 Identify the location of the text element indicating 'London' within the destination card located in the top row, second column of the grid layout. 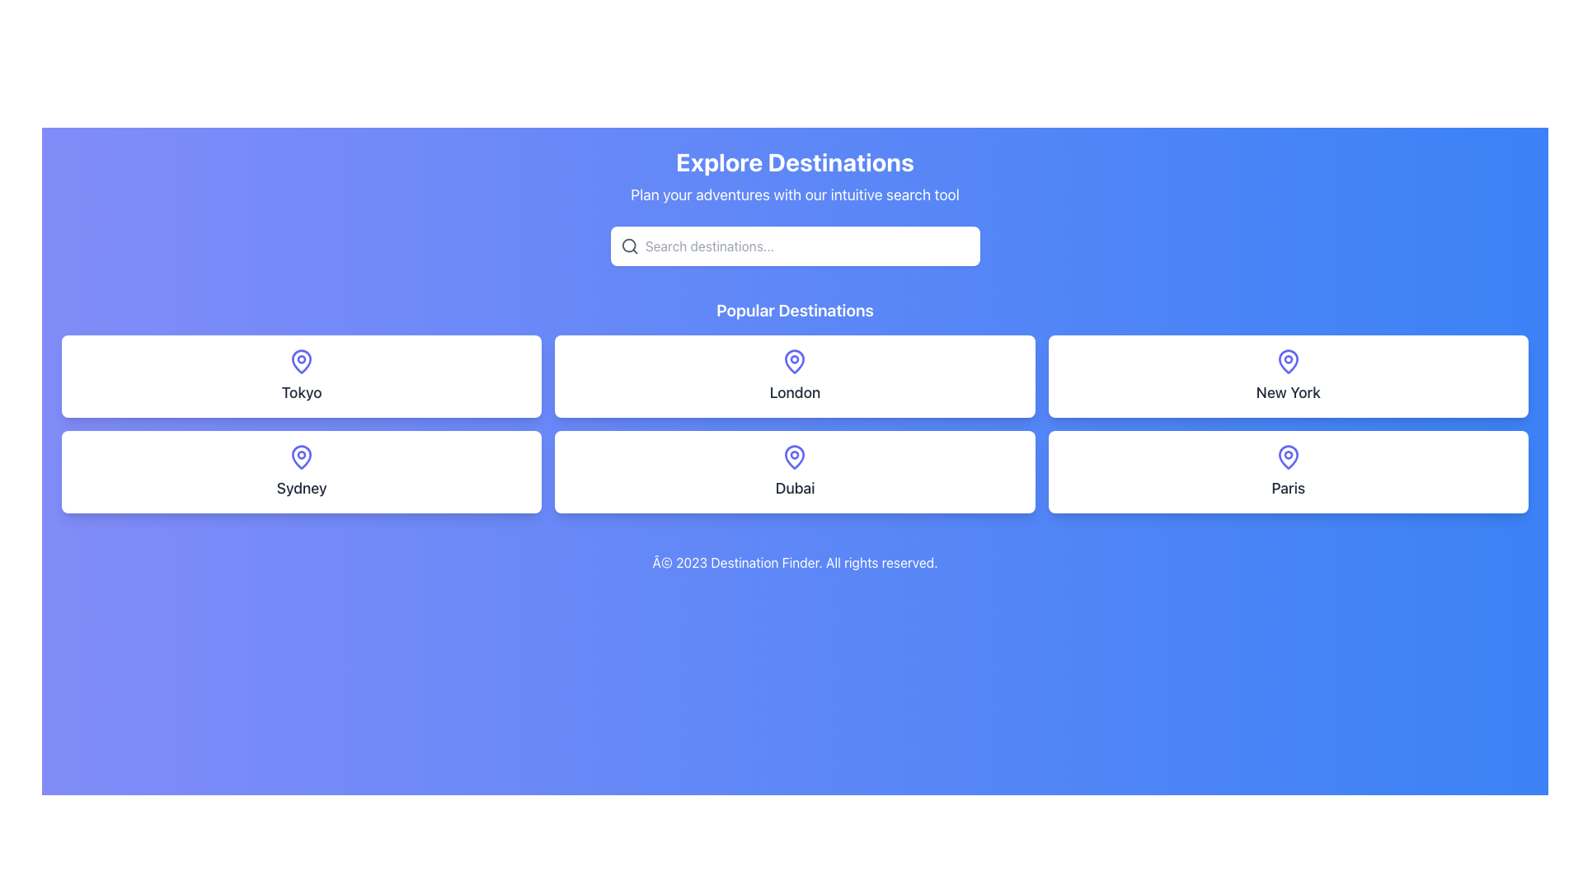
(795, 393).